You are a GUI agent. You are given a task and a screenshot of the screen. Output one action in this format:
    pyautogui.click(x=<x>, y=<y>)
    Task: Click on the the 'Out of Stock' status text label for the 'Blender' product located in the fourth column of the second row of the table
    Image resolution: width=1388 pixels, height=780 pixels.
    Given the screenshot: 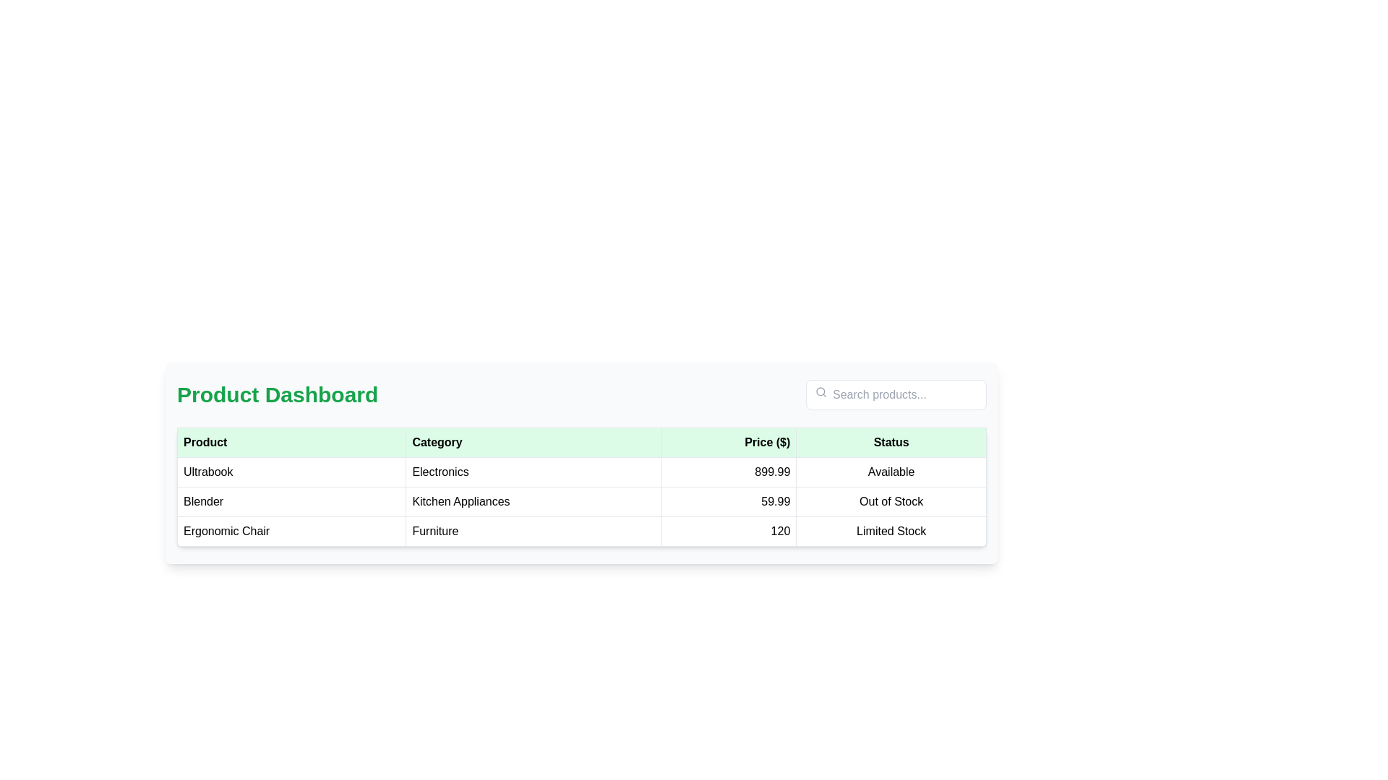 What is the action you would take?
    pyautogui.click(x=891, y=500)
    